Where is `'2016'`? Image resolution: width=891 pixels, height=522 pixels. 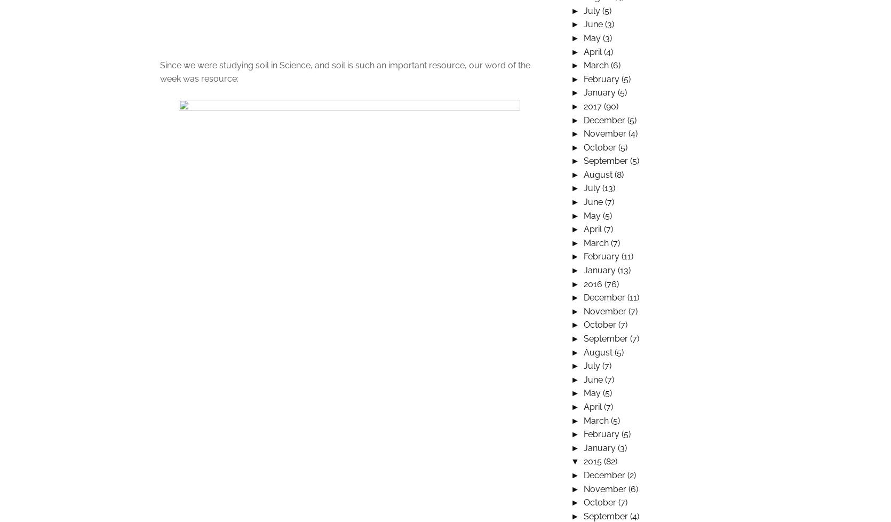
'2016' is located at coordinates (593, 283).